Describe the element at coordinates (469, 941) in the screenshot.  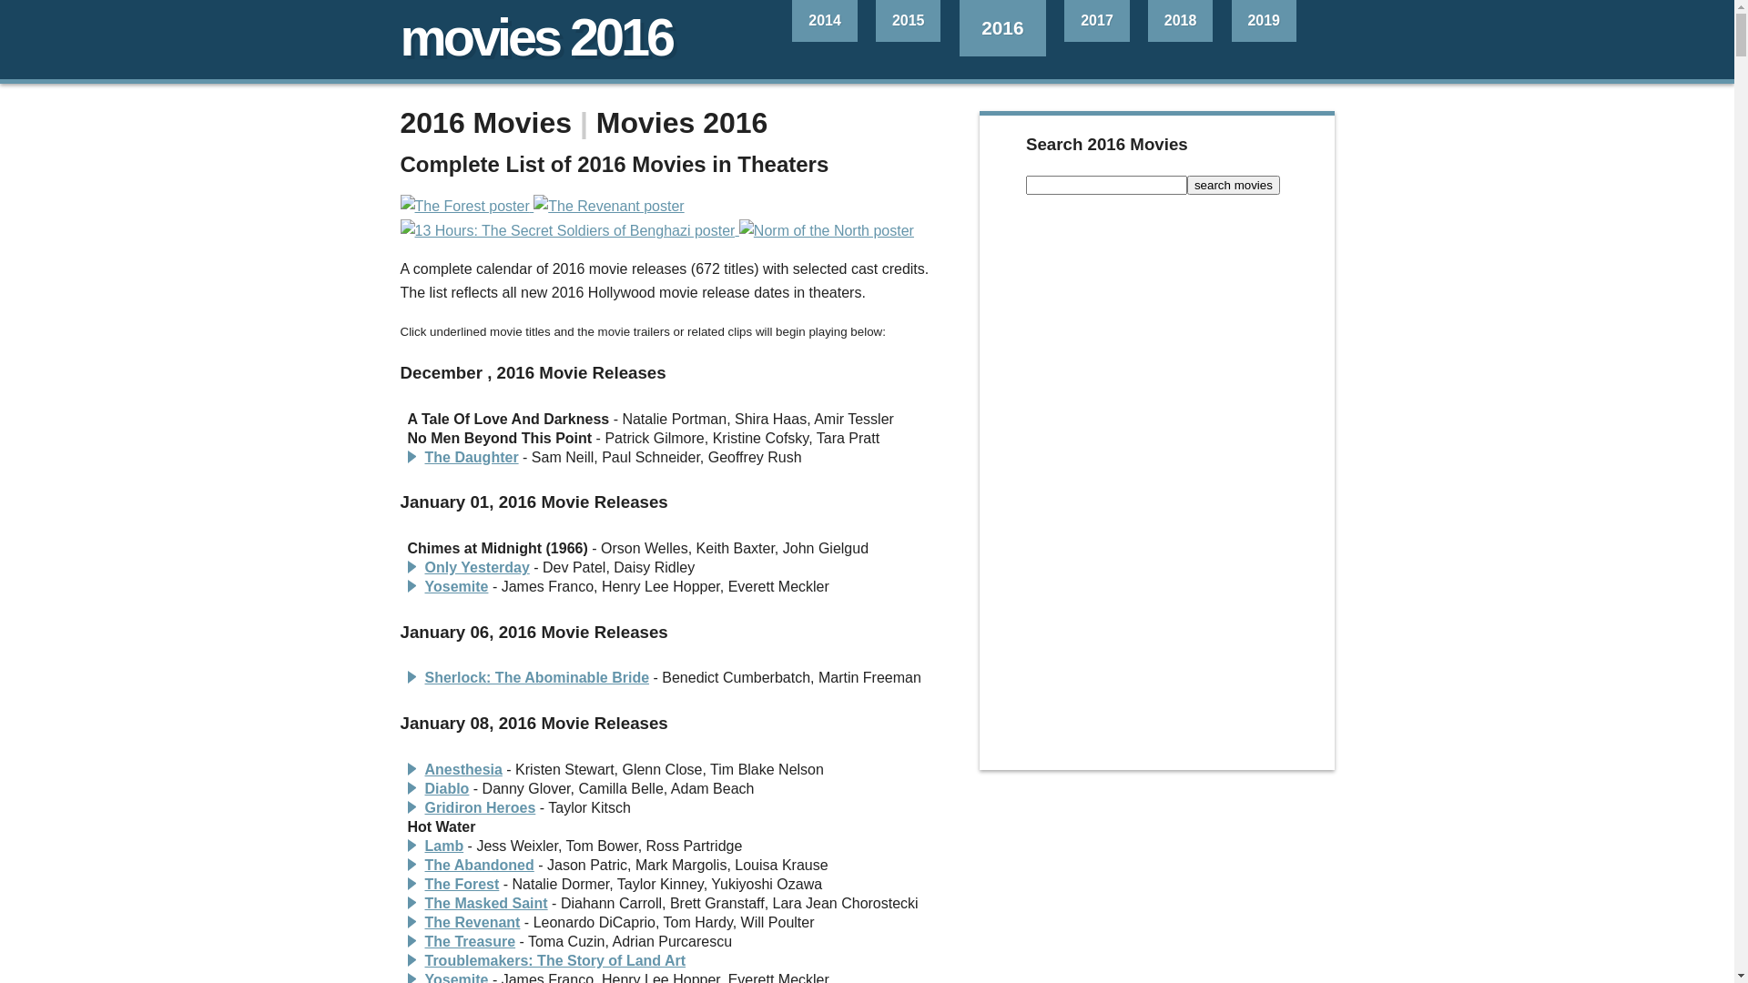
I see `'The Treasure'` at that location.